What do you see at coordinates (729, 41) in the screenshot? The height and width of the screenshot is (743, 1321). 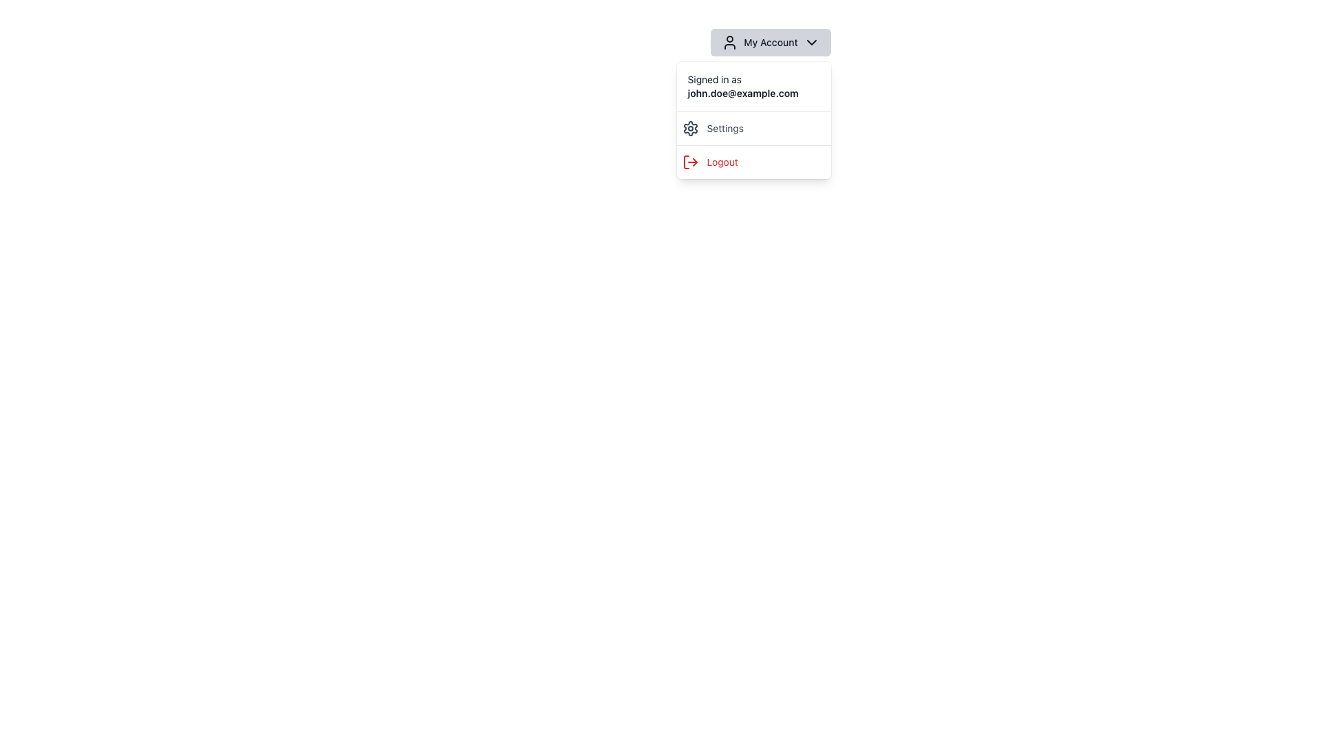 I see `the user icon located to the left of the 'My Account' button, which is represented by a circular head shape with a semi-circular body below` at bounding box center [729, 41].